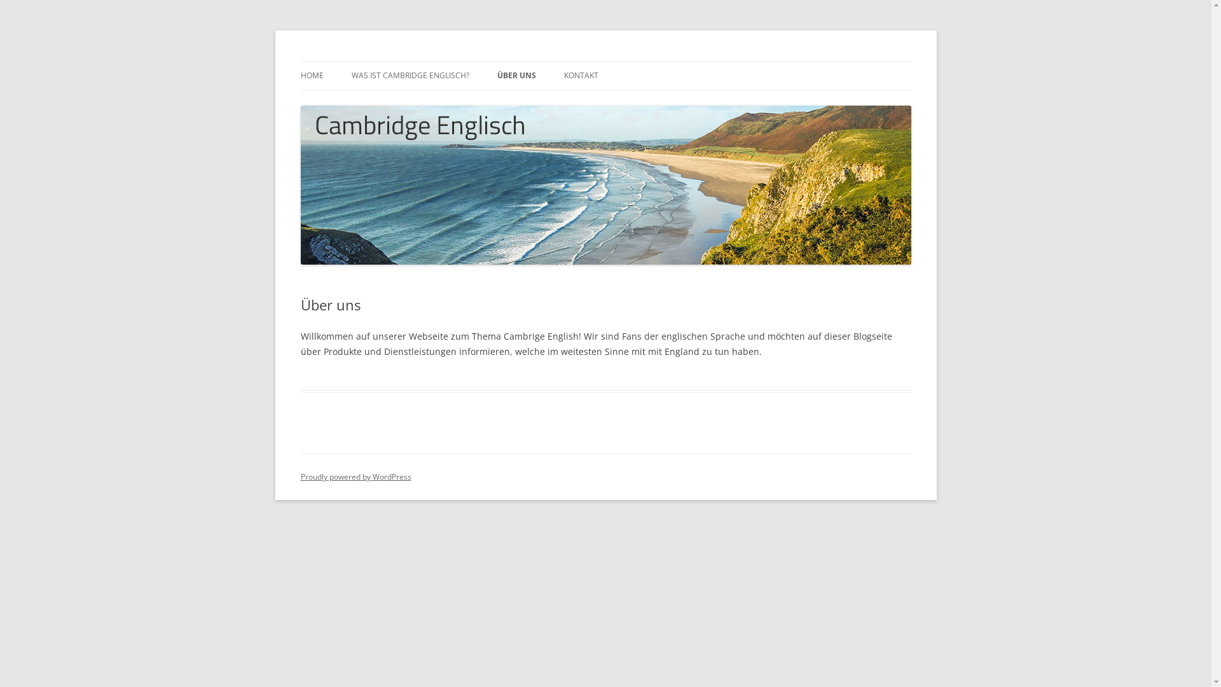 The image size is (1221, 687). What do you see at coordinates (355, 476) in the screenshot?
I see `'Proudly powered by WordPress'` at bounding box center [355, 476].